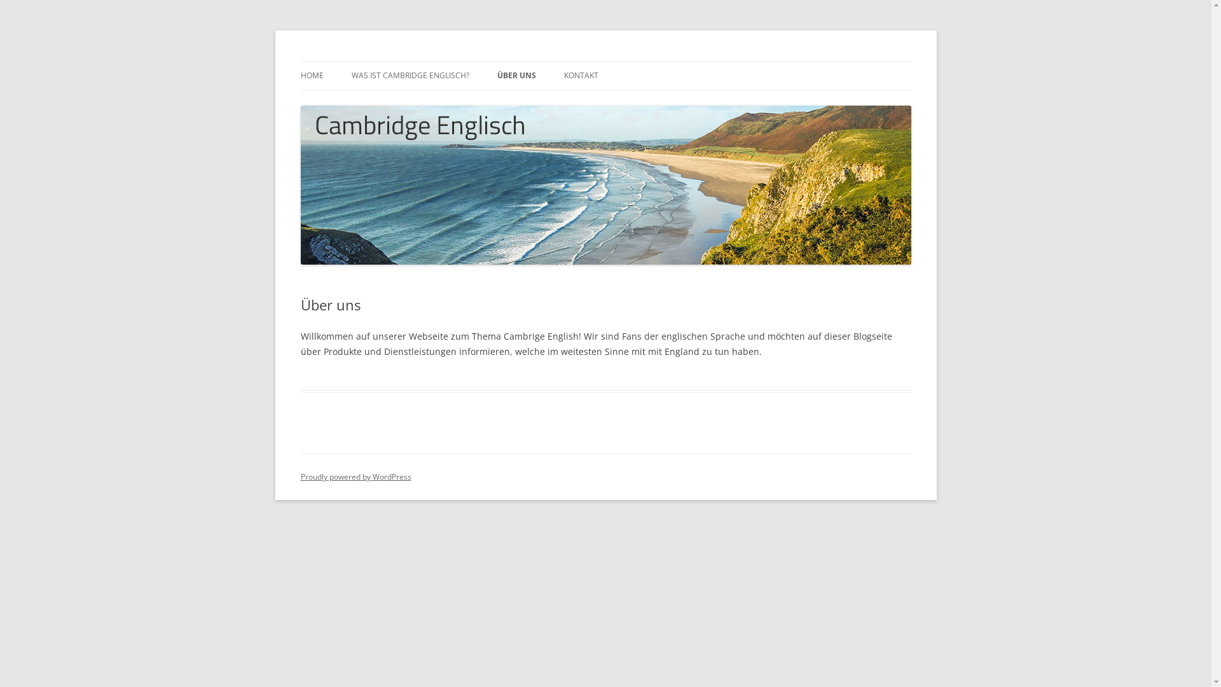 The image size is (1221, 687). What do you see at coordinates (355, 476) in the screenshot?
I see `'Proudly powered by WordPress'` at bounding box center [355, 476].